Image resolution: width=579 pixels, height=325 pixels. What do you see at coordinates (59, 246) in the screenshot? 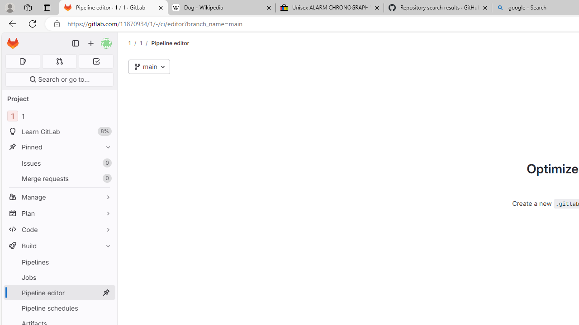
I see `'Build'` at bounding box center [59, 246].